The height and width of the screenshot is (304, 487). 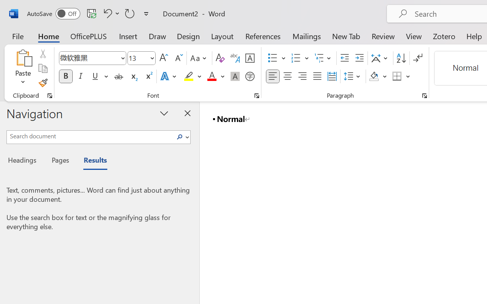 What do you see at coordinates (378, 76) in the screenshot?
I see `'Shading'` at bounding box center [378, 76].